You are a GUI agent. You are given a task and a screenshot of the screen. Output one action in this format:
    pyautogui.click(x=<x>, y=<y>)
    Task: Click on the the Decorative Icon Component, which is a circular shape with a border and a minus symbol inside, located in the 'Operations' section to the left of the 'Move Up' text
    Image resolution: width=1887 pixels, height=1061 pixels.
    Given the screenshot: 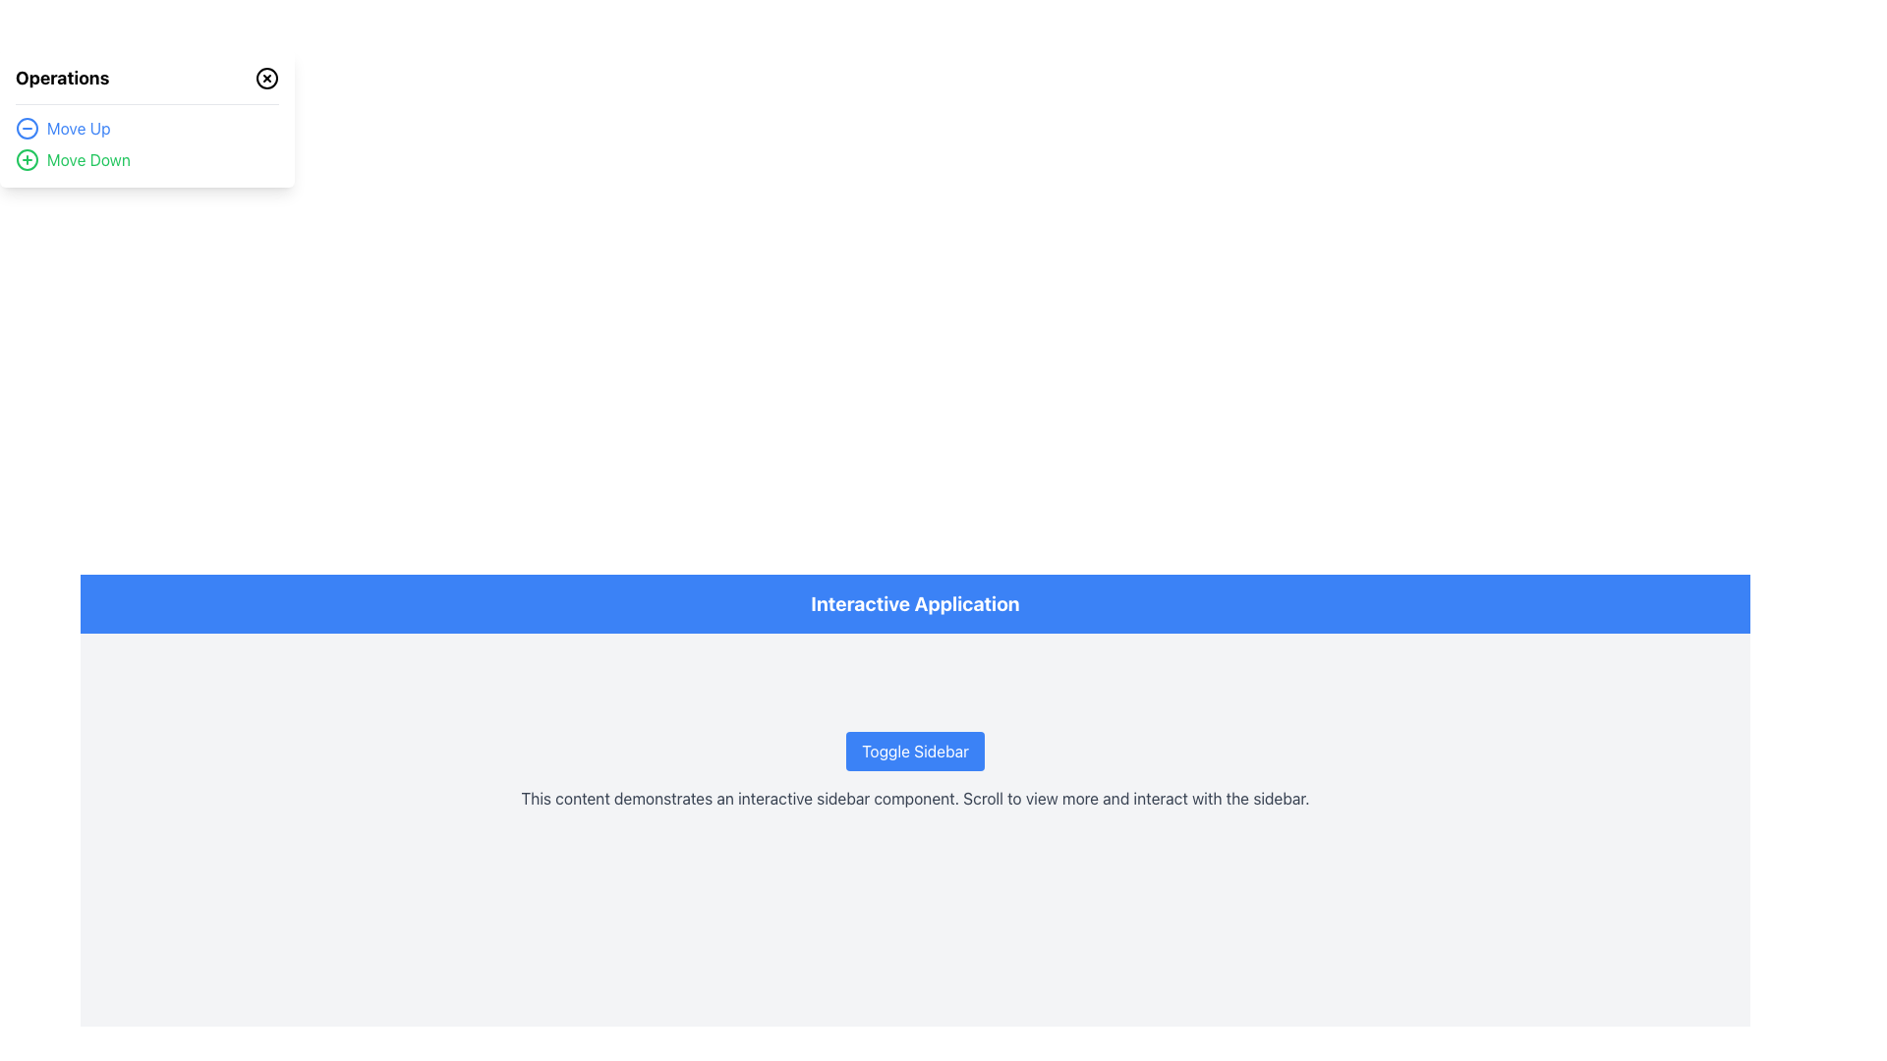 What is the action you would take?
    pyautogui.click(x=28, y=129)
    